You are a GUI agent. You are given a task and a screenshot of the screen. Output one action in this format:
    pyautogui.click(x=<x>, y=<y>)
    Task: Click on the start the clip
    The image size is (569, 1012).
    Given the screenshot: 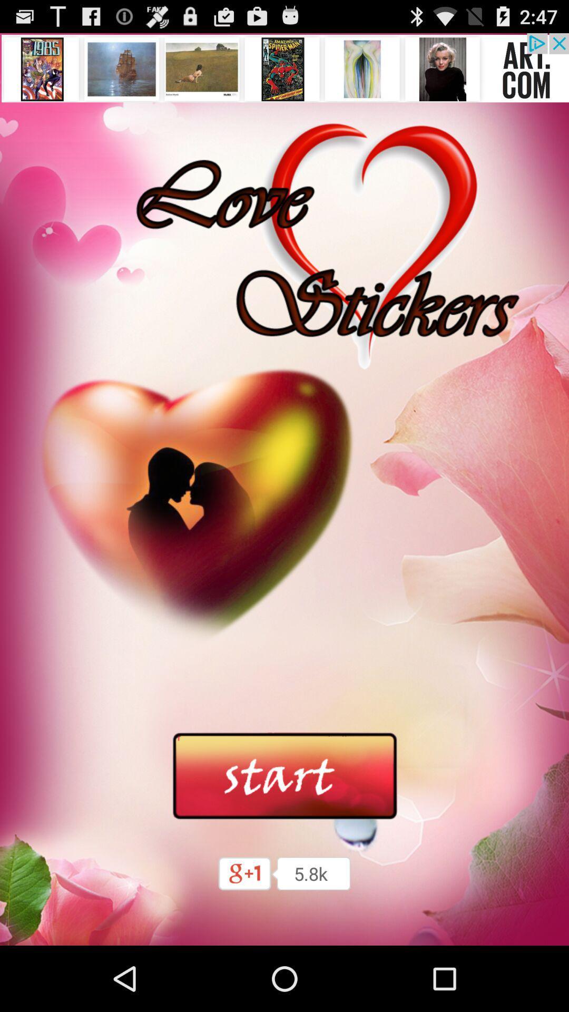 What is the action you would take?
    pyautogui.click(x=284, y=776)
    